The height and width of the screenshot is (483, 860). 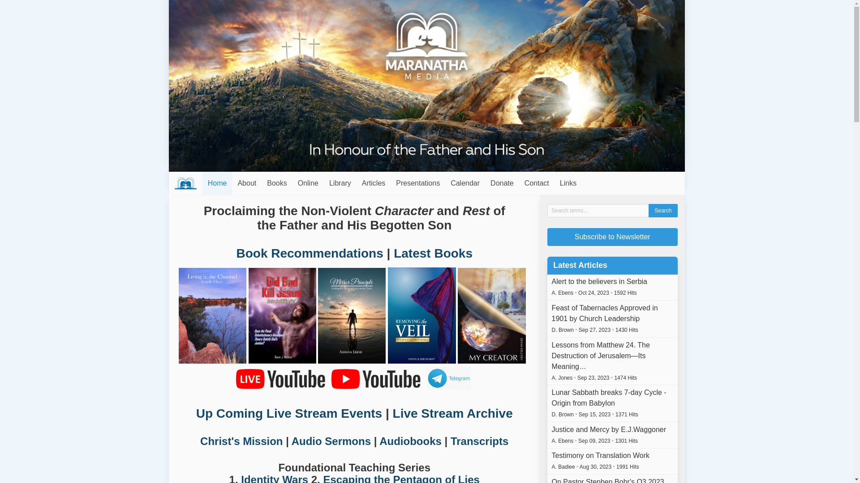 I want to click on 'Articles', so click(x=356, y=182).